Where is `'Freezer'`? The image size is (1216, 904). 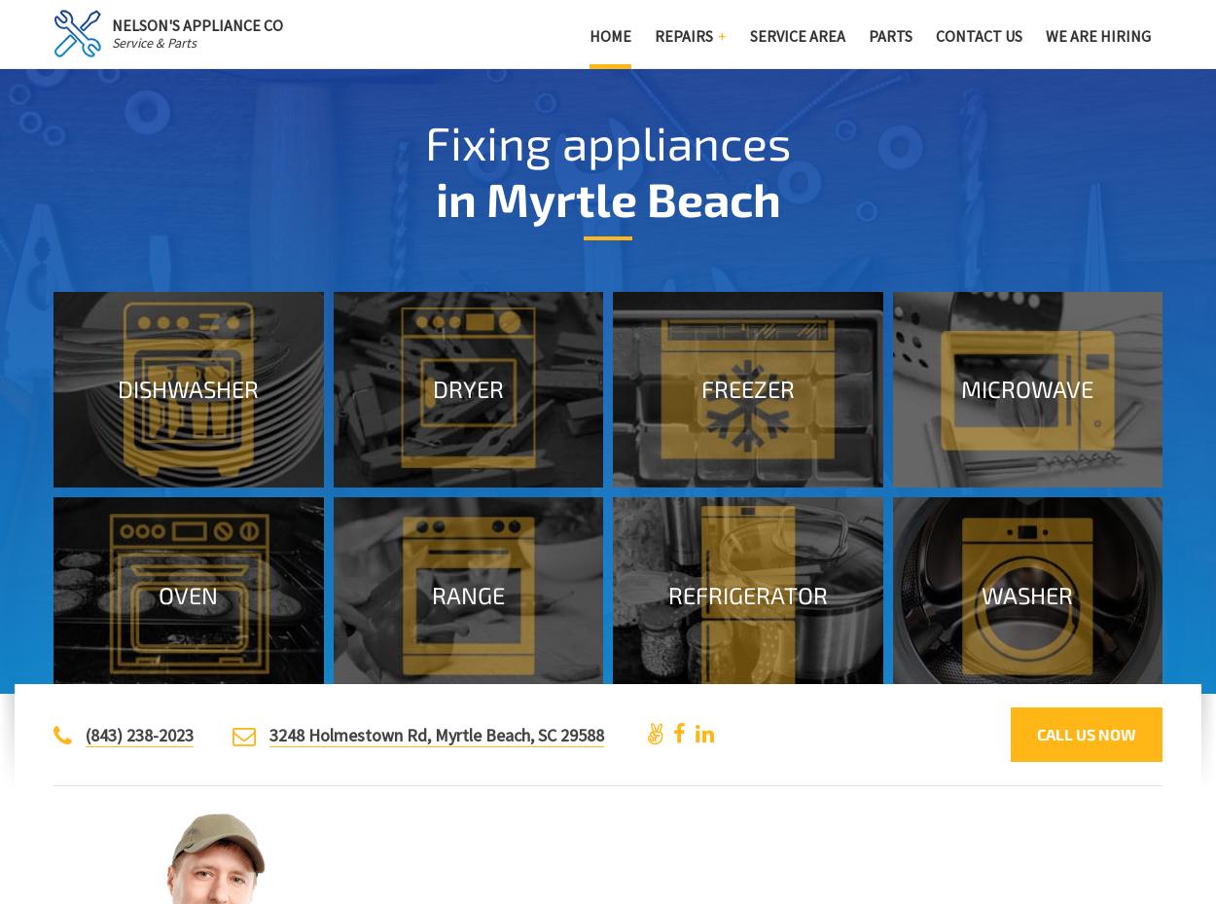 'Freezer' is located at coordinates (746, 387).